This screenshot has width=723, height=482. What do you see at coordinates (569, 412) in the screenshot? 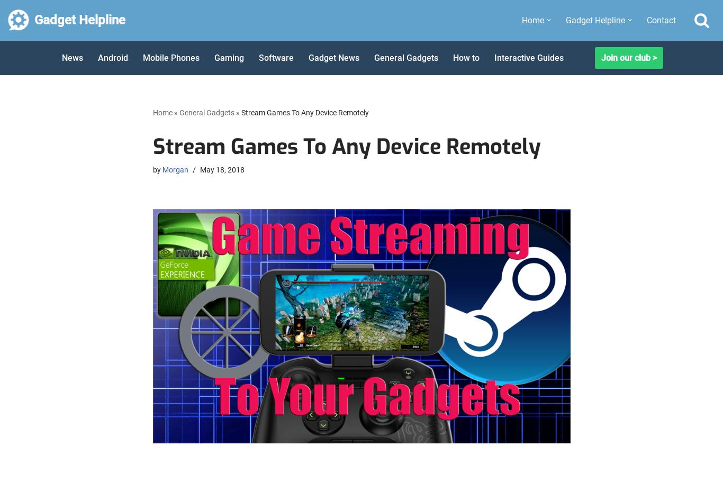
I see `'IoT'` at bounding box center [569, 412].